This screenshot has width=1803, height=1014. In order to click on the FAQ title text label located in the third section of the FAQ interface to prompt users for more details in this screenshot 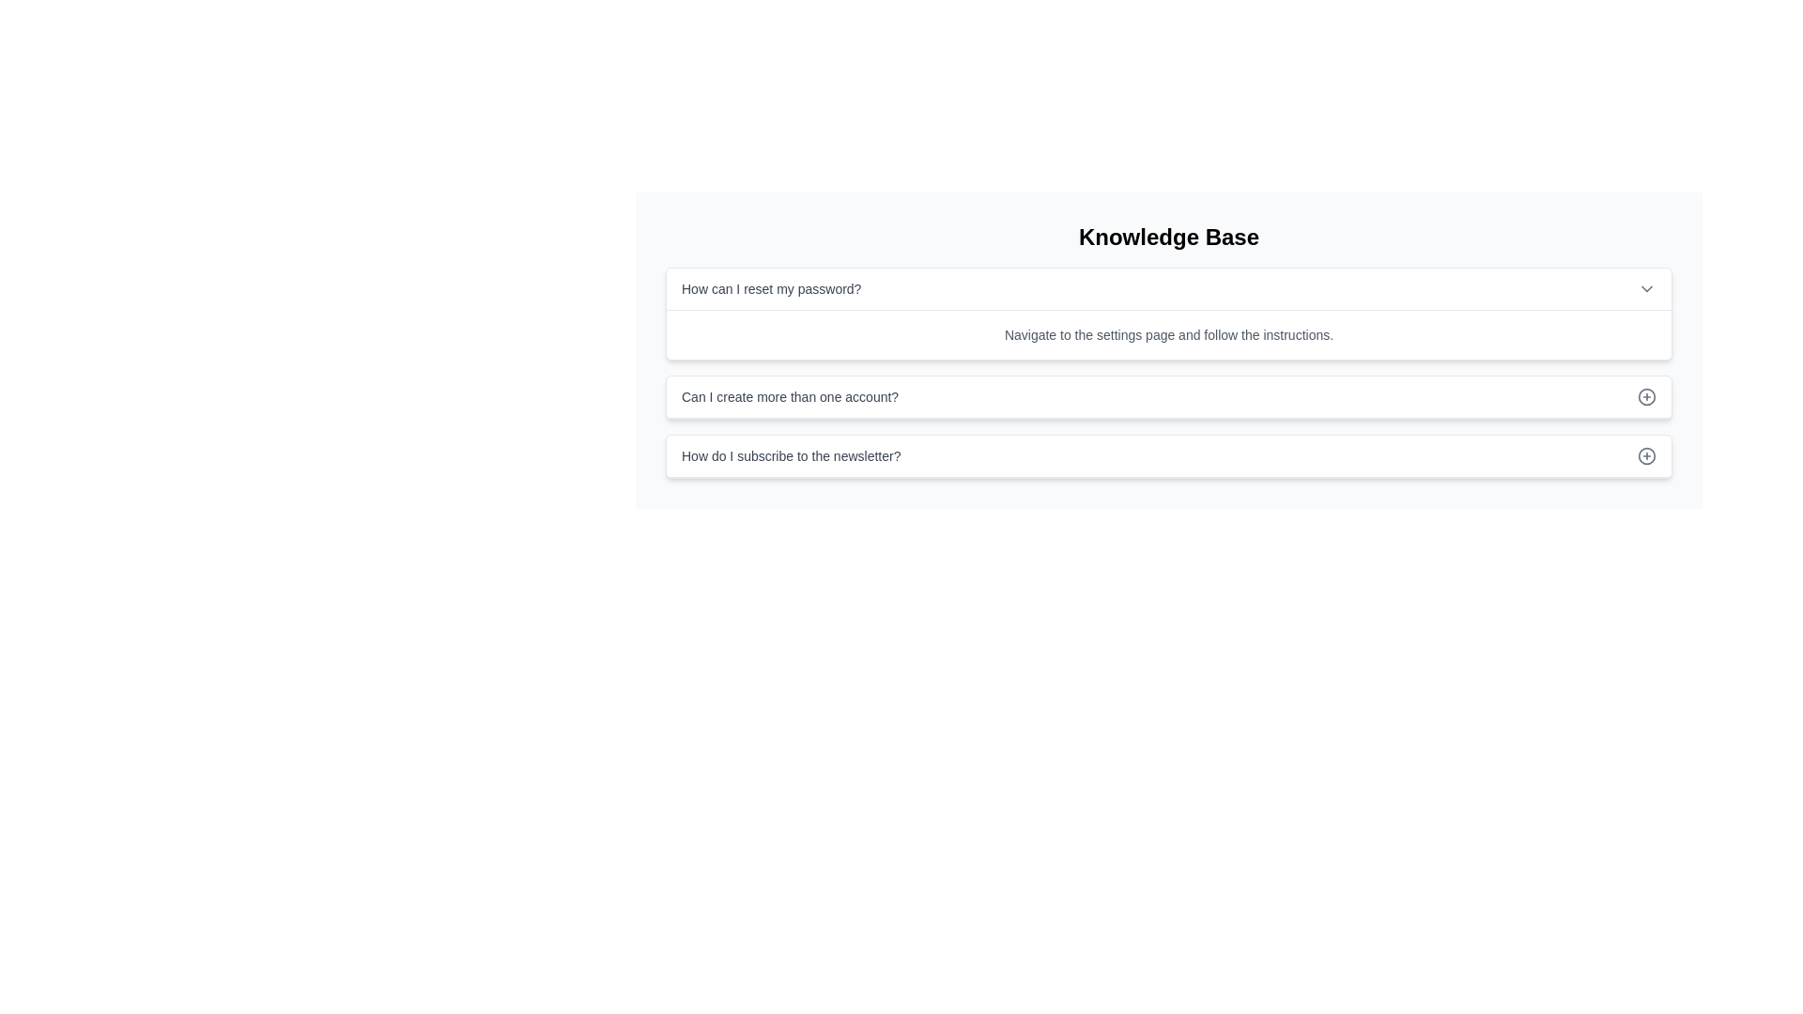, I will do `click(791, 456)`.